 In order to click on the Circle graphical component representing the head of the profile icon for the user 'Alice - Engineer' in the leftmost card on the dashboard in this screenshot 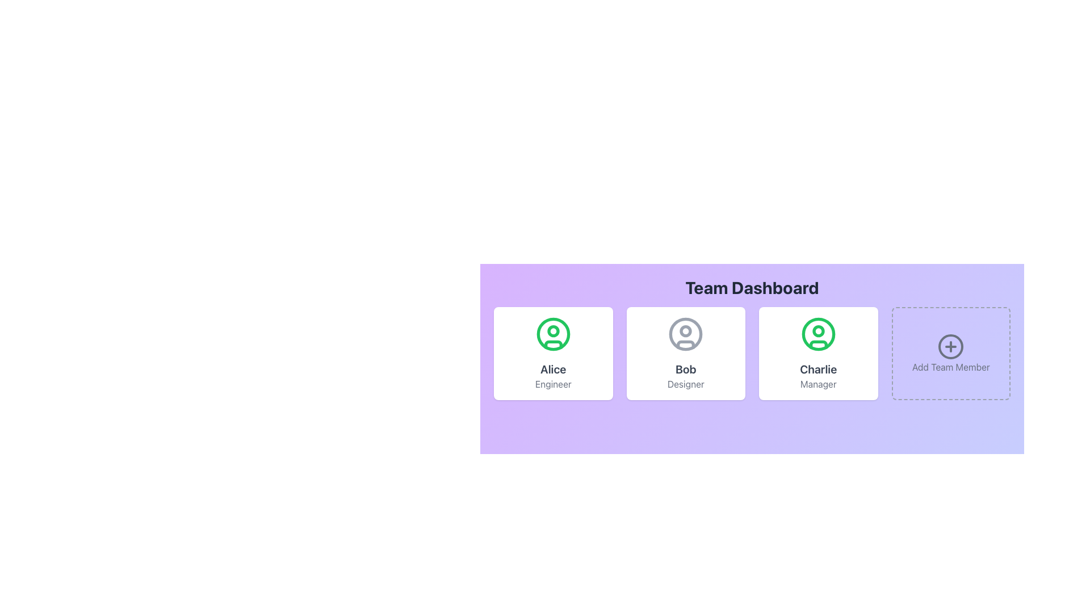, I will do `click(553, 331)`.